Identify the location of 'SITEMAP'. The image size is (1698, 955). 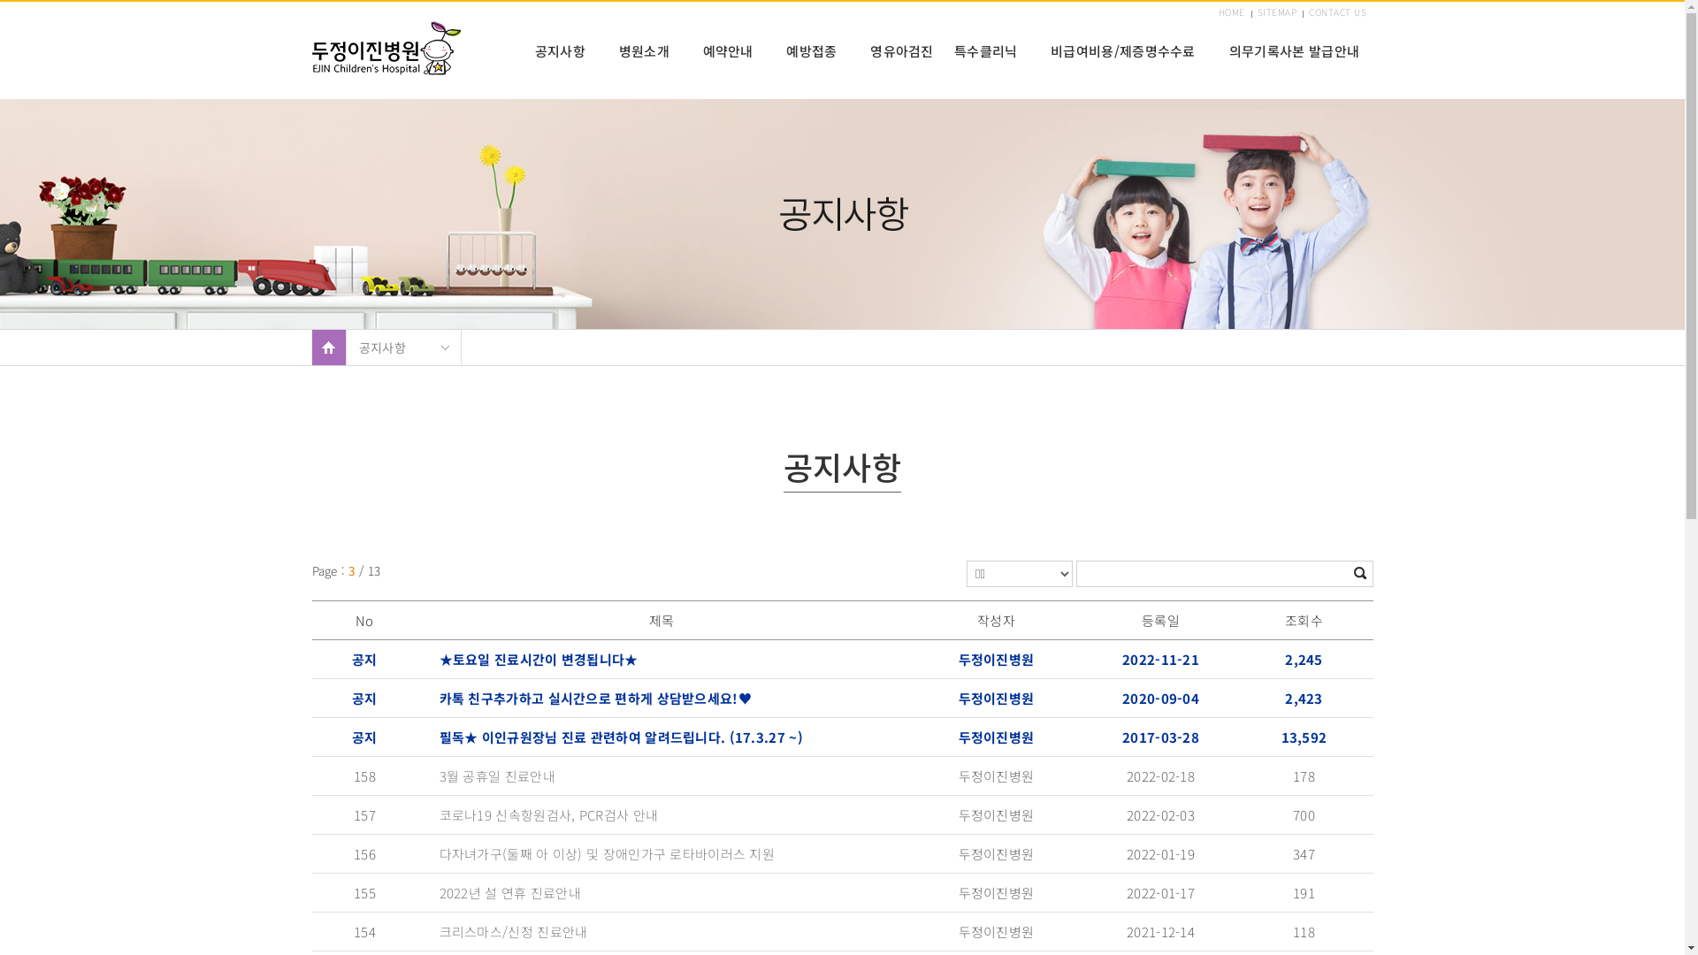
(1277, 12).